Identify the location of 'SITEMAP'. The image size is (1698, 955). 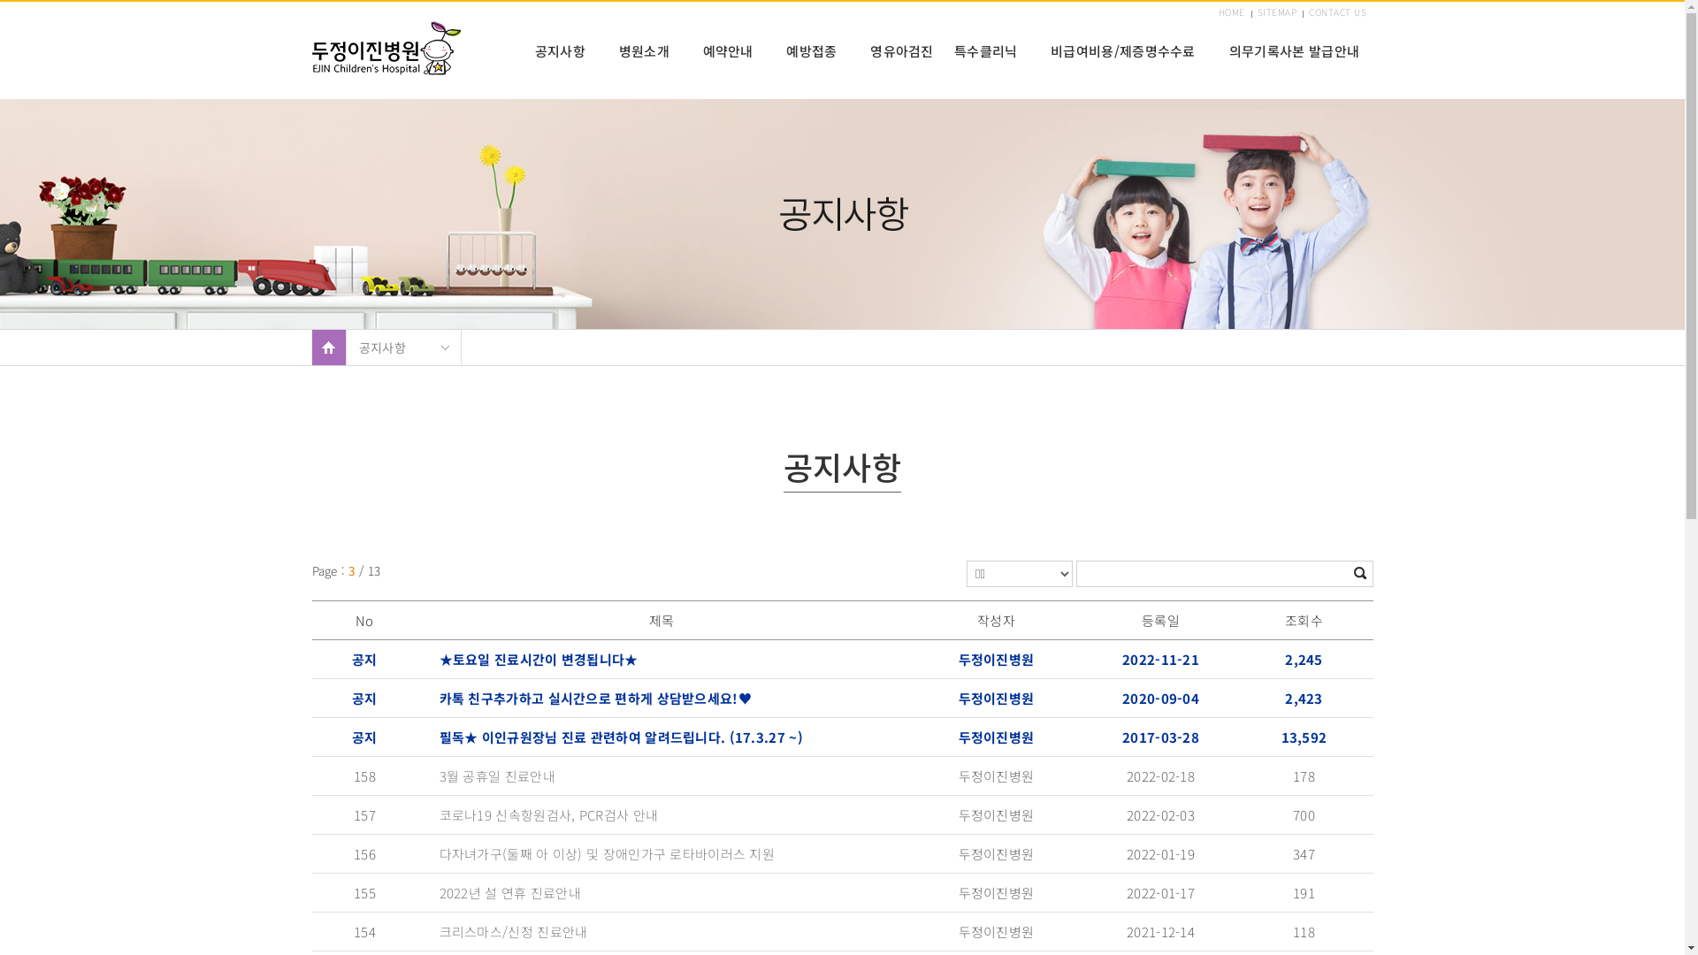
(1277, 12).